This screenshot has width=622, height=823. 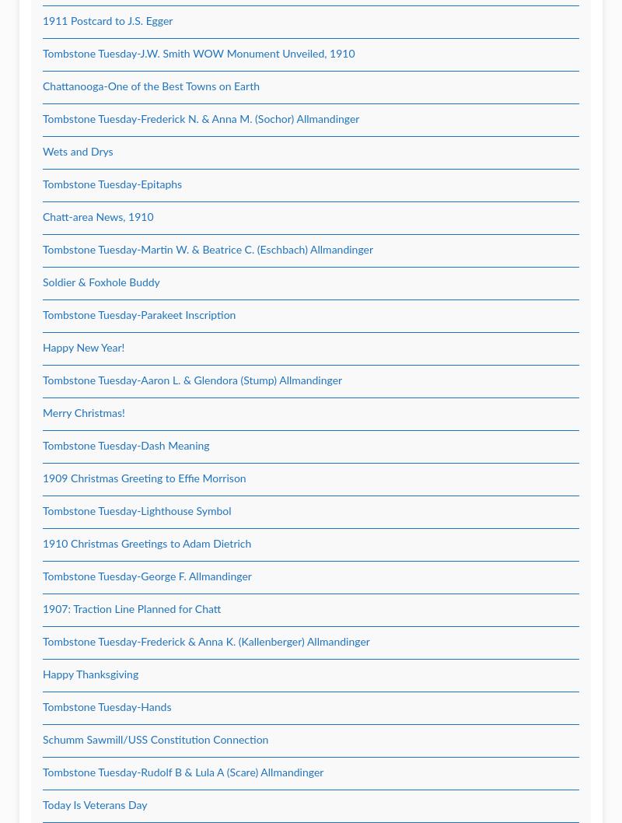 I want to click on 'Today Is Veterans Day', so click(x=42, y=804).